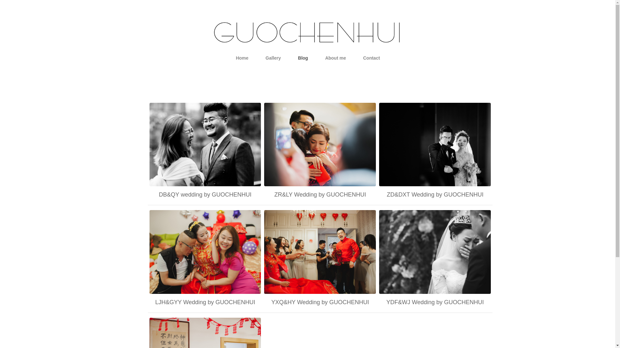  I want to click on 'ZD&DXT Wedding by GUOCHENHUI', so click(435, 194).